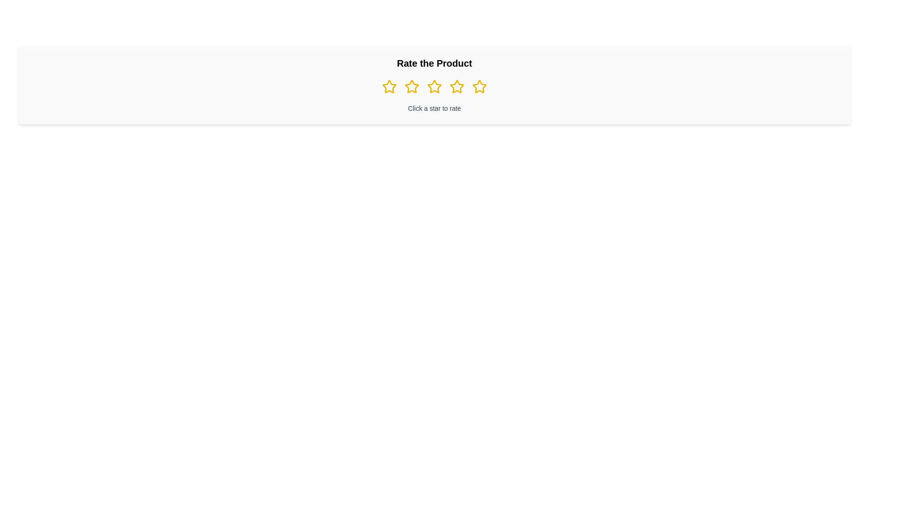 The height and width of the screenshot is (507, 902). Describe the element at coordinates (434, 87) in the screenshot. I see `the yellow hollow star icon, which is the third star in the row for rating purposes` at that location.